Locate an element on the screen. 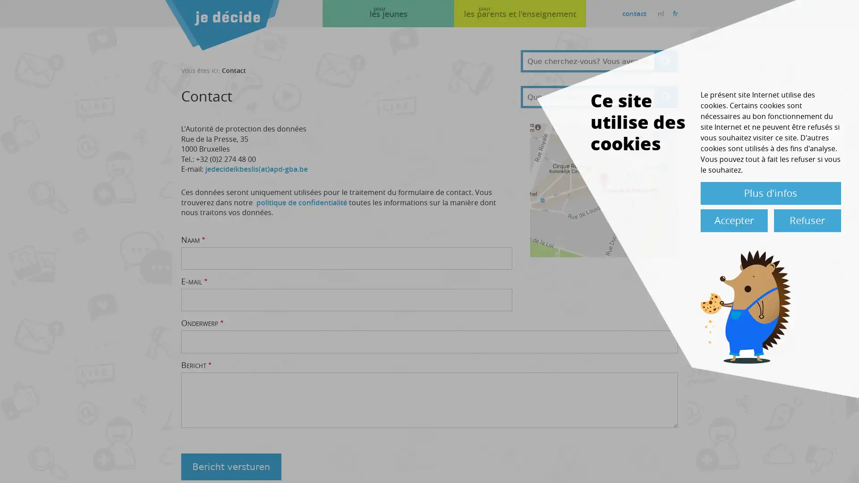  Apply is located at coordinates (666, 61).